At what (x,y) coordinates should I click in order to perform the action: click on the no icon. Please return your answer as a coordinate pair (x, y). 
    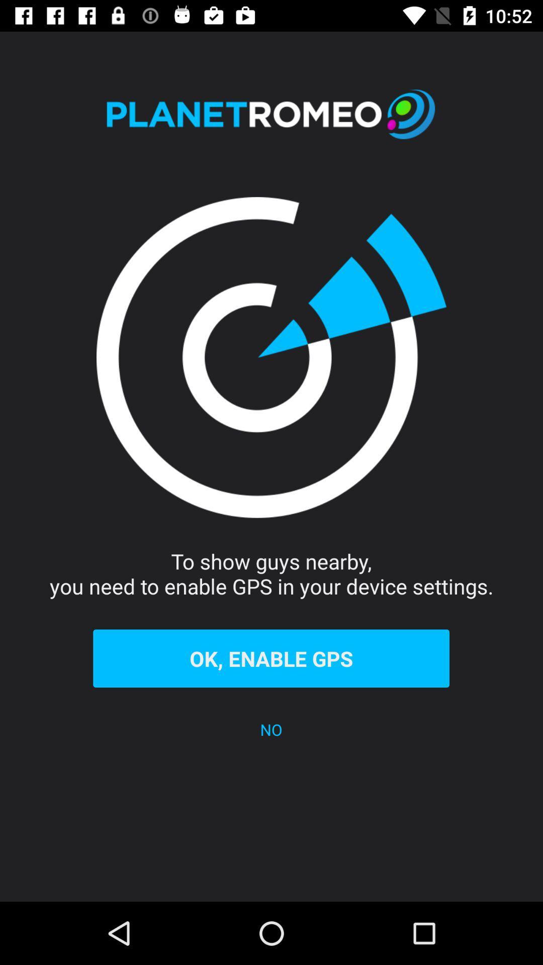
    Looking at the image, I should click on (270, 729).